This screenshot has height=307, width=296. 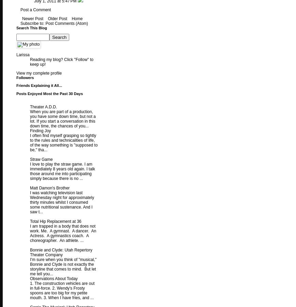 What do you see at coordinates (62, 171) in the screenshot?
I see `'I love to play the straw game.   I am immediately 8 years old again.   I talk those around me into participating simply because there is no ...'` at bounding box center [62, 171].